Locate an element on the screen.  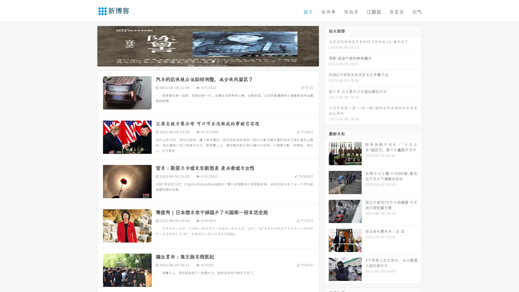
Previous slide is located at coordinates (89, 45).